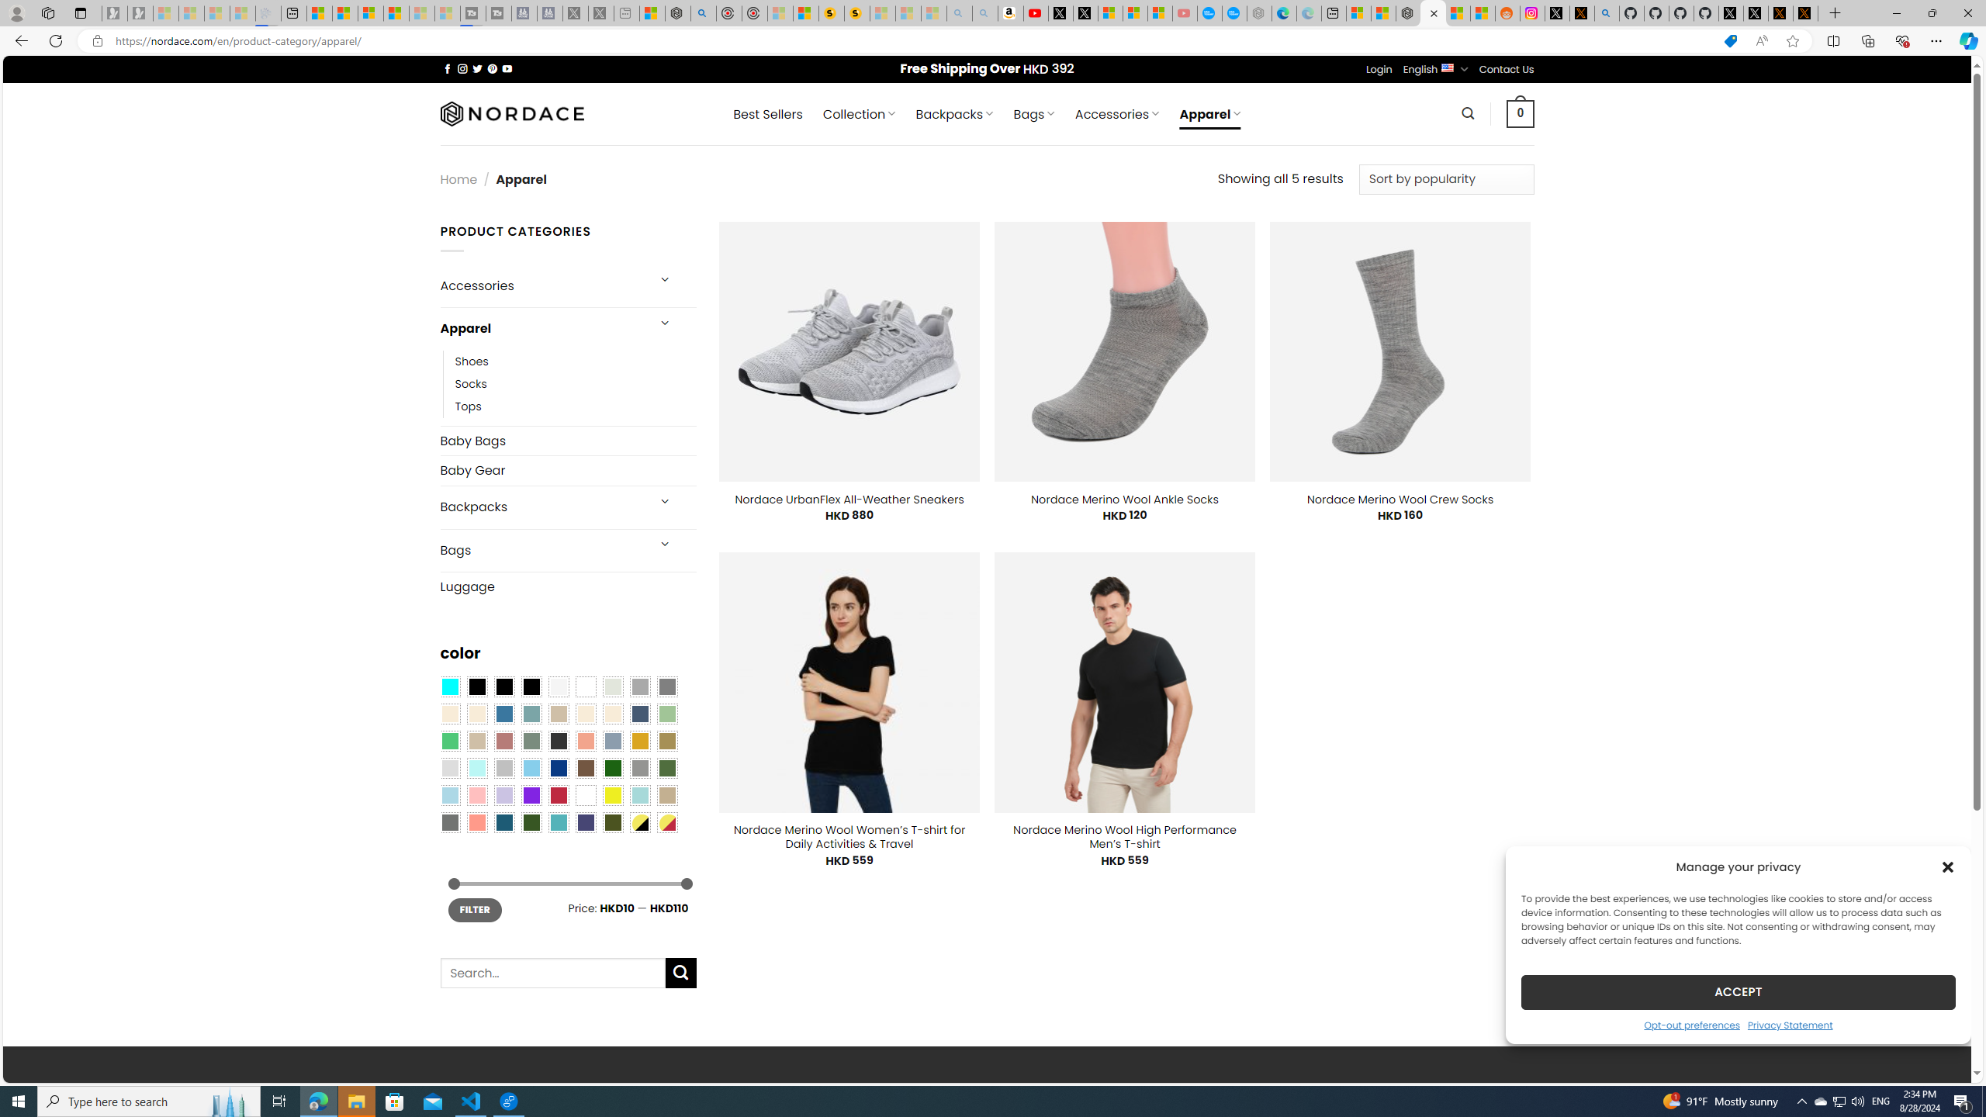  I want to click on 'This site has coupons! Shopping in Microsoft Edge', so click(1730, 41).